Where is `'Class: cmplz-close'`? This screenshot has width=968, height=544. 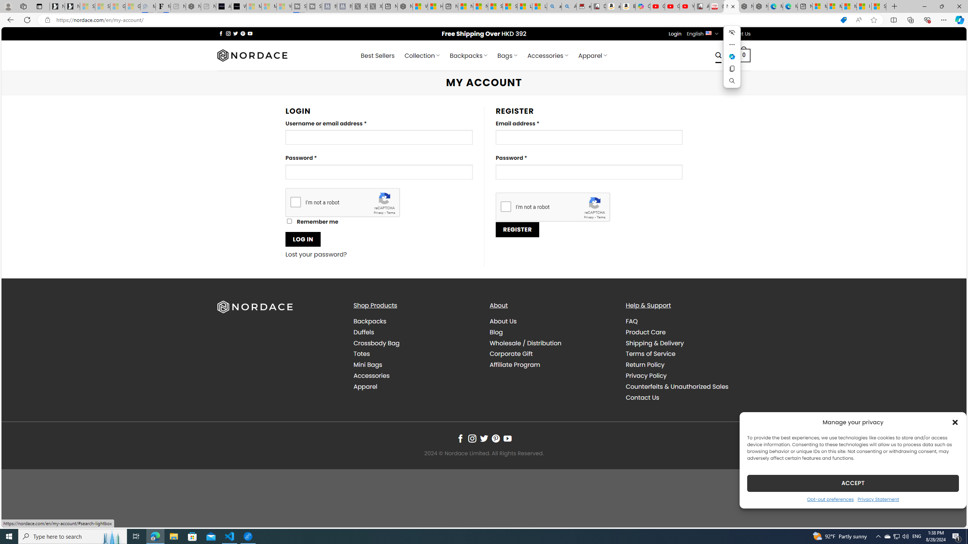 'Class: cmplz-close' is located at coordinates (955, 422).